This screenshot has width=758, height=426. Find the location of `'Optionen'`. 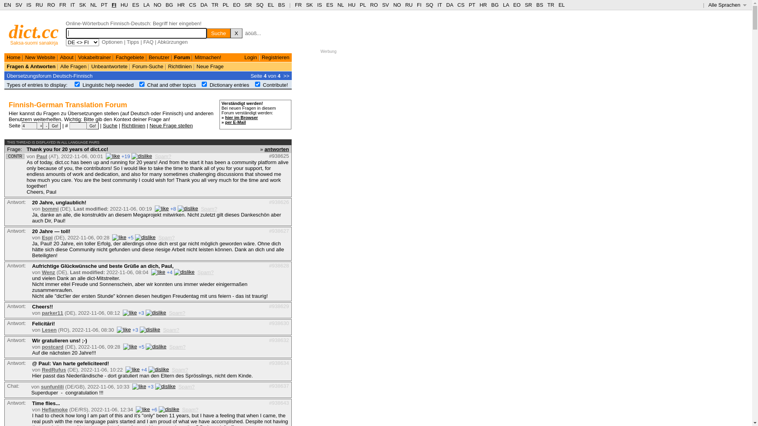

'Optionen' is located at coordinates (112, 42).